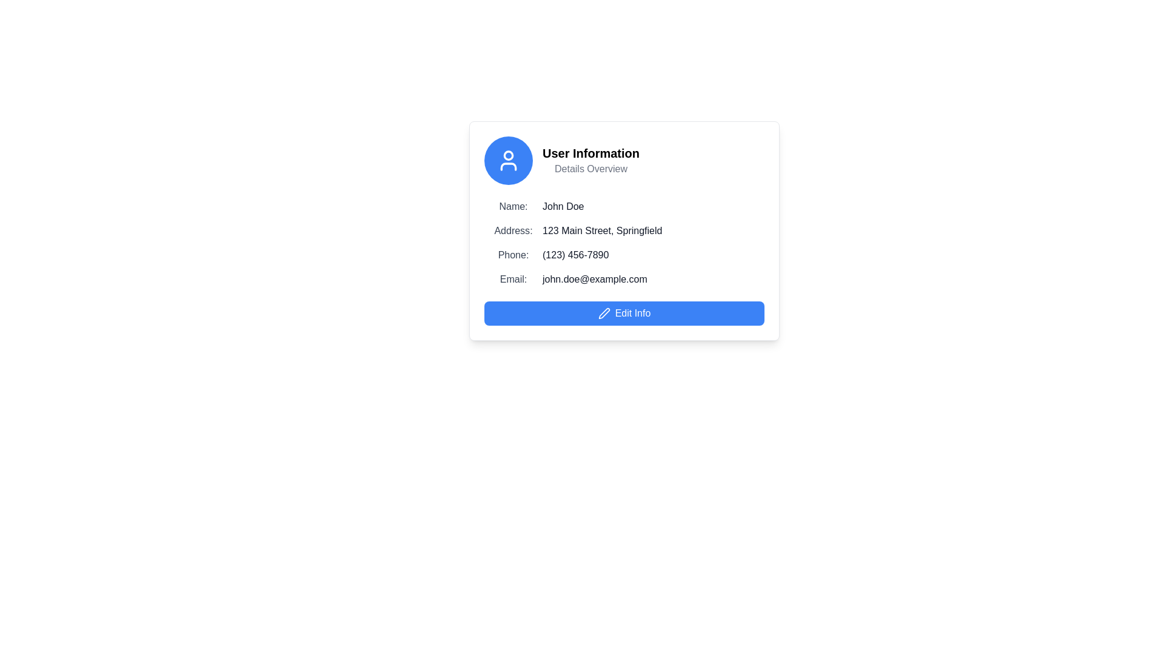  Describe the element at coordinates (624, 312) in the screenshot. I see `the button located at the bottom of the user details card to initiate the editing interface` at that location.